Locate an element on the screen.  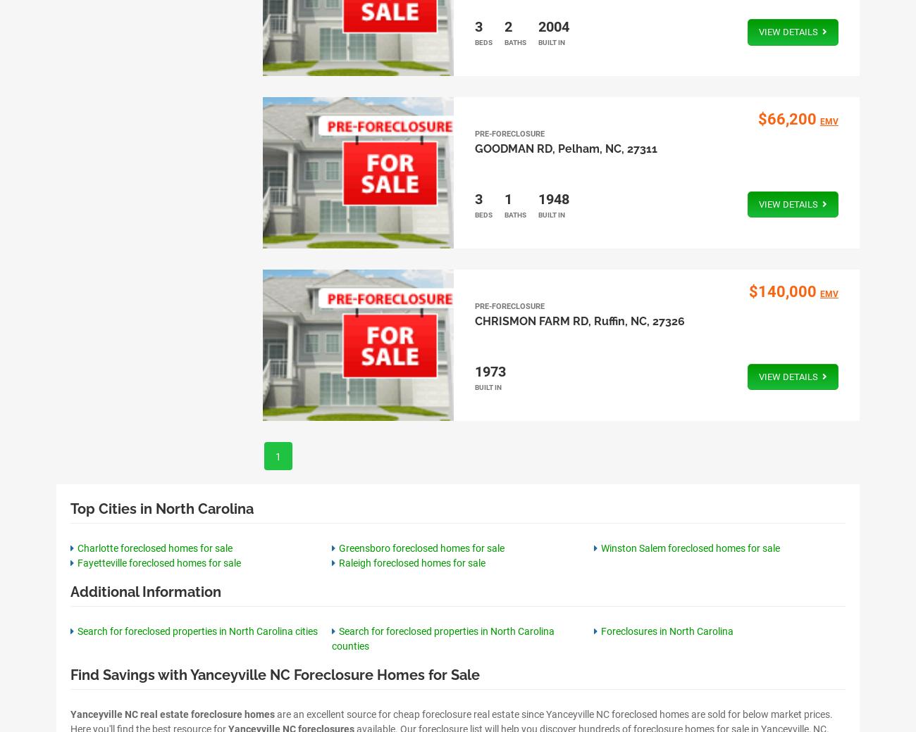
'Raleigh foreclosed homes for sale' is located at coordinates (338, 562).